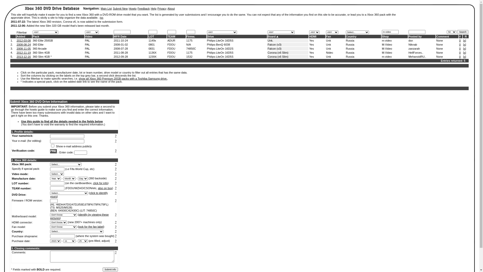 The height and width of the screenshot is (272, 483). What do you see at coordinates (278, 52) in the screenshot?
I see `'Corona (v6 Slim)'` at bounding box center [278, 52].